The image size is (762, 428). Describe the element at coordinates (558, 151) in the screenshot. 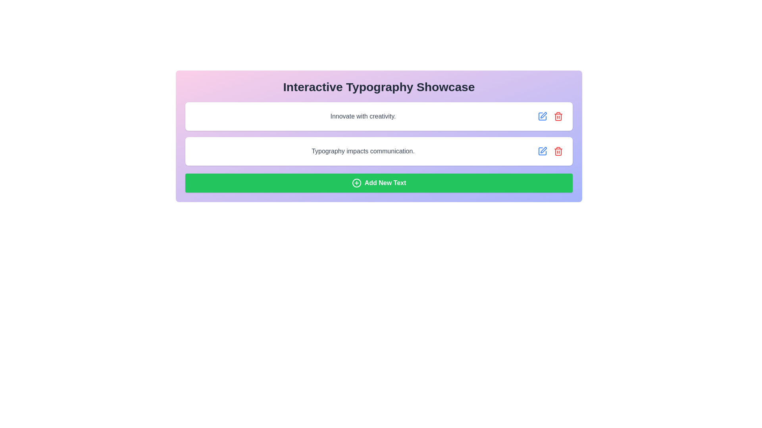

I see `the delete button positioned on the right side of the bottom row, following the text 'Typography impacts communication.'` at that location.